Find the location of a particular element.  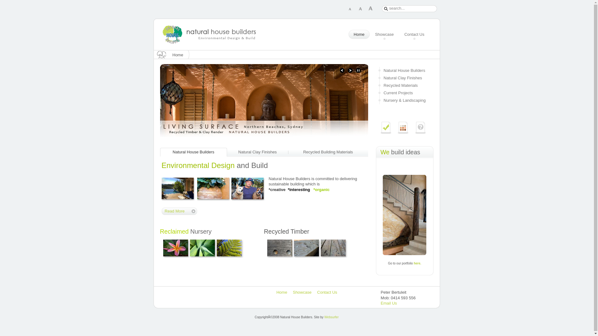

'We Love To Help!' is located at coordinates (414, 127).